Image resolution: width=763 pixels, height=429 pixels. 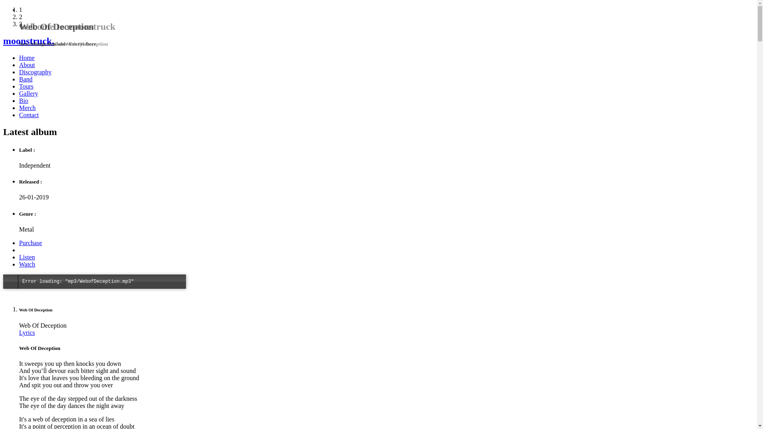 What do you see at coordinates (21, 17) in the screenshot?
I see `'2'` at bounding box center [21, 17].